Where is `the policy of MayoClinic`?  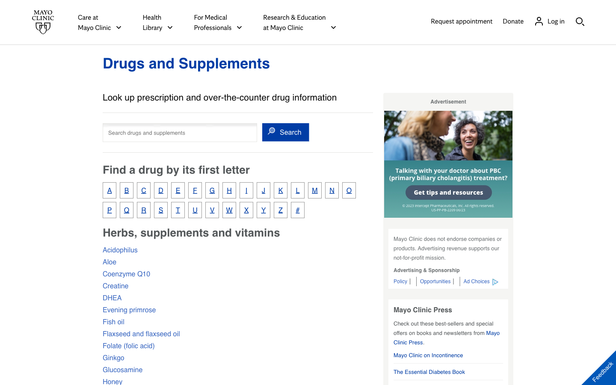 the policy of MayoClinic is located at coordinates (402, 281).